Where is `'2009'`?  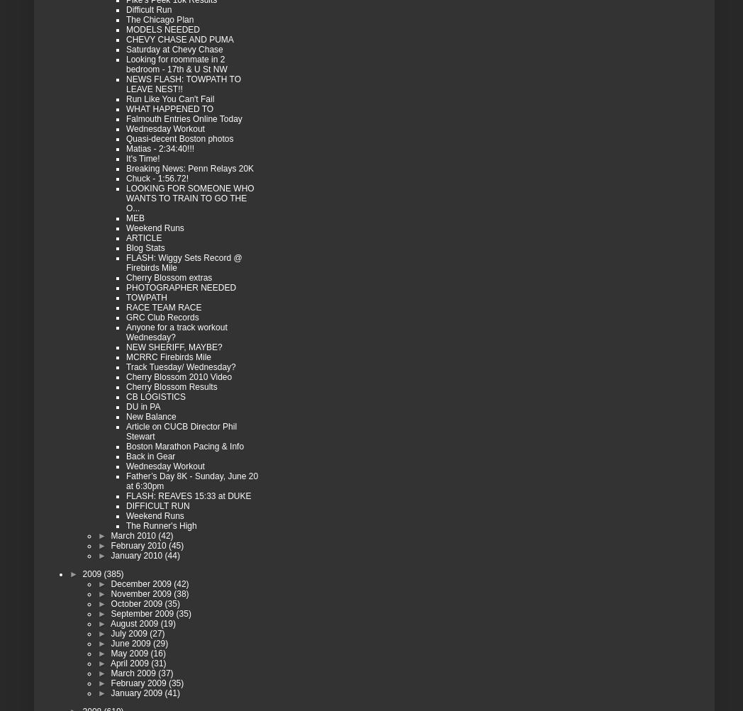 '2009' is located at coordinates (92, 573).